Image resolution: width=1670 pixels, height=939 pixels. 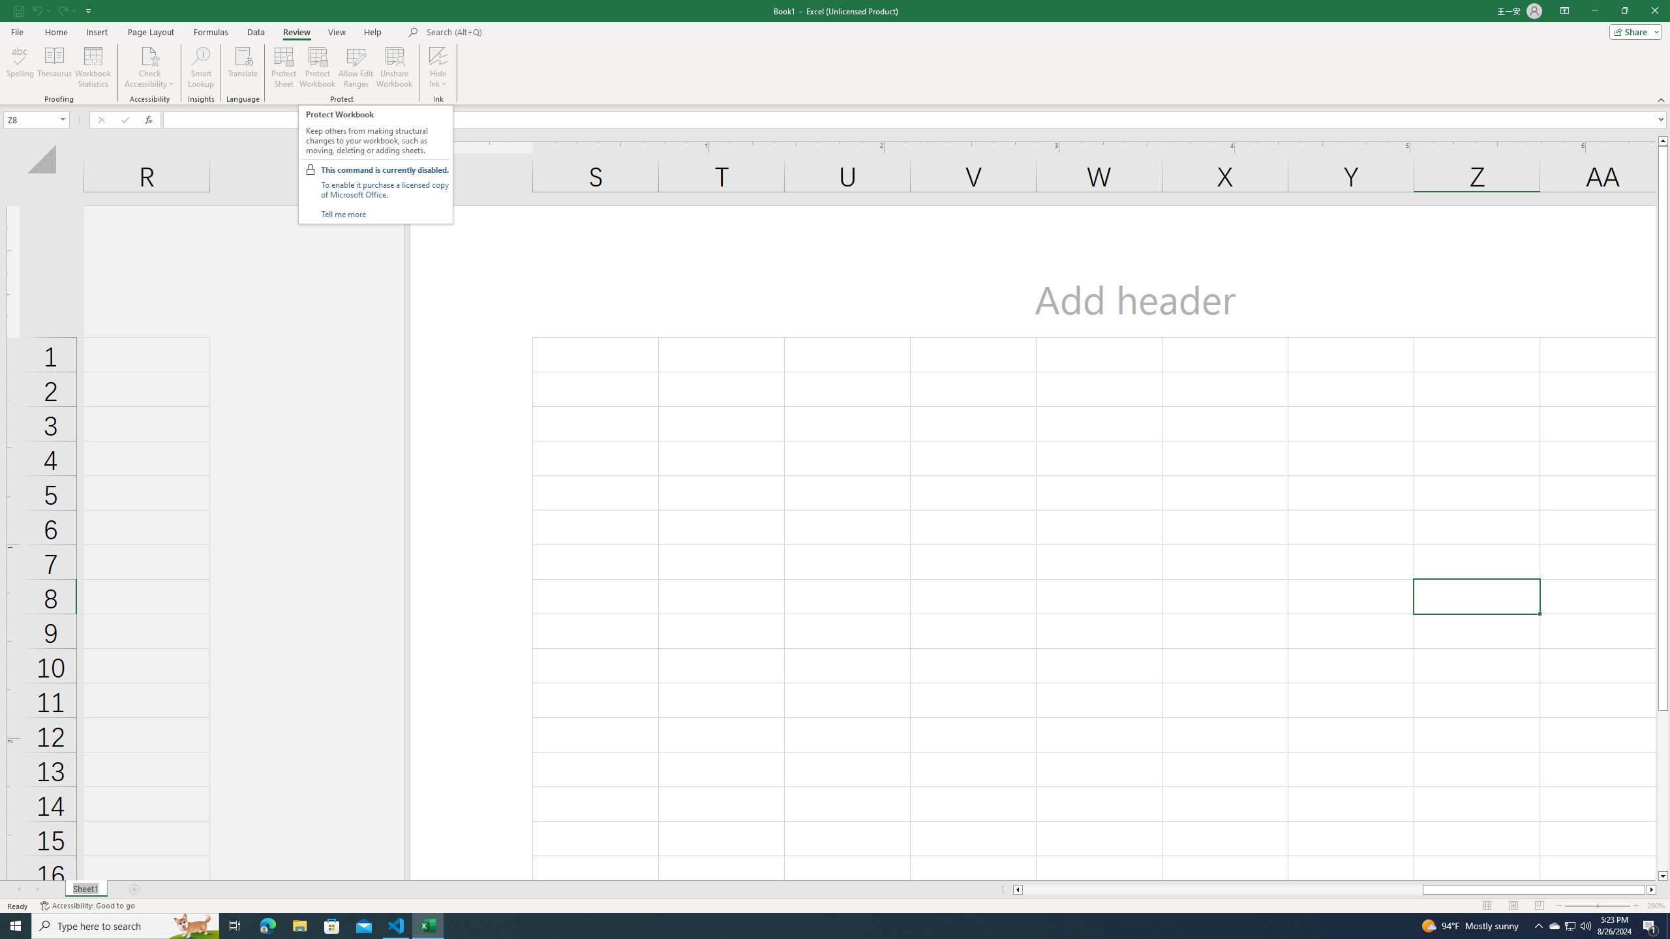 I want to click on 'Allow Edit Ranges', so click(x=356, y=67).